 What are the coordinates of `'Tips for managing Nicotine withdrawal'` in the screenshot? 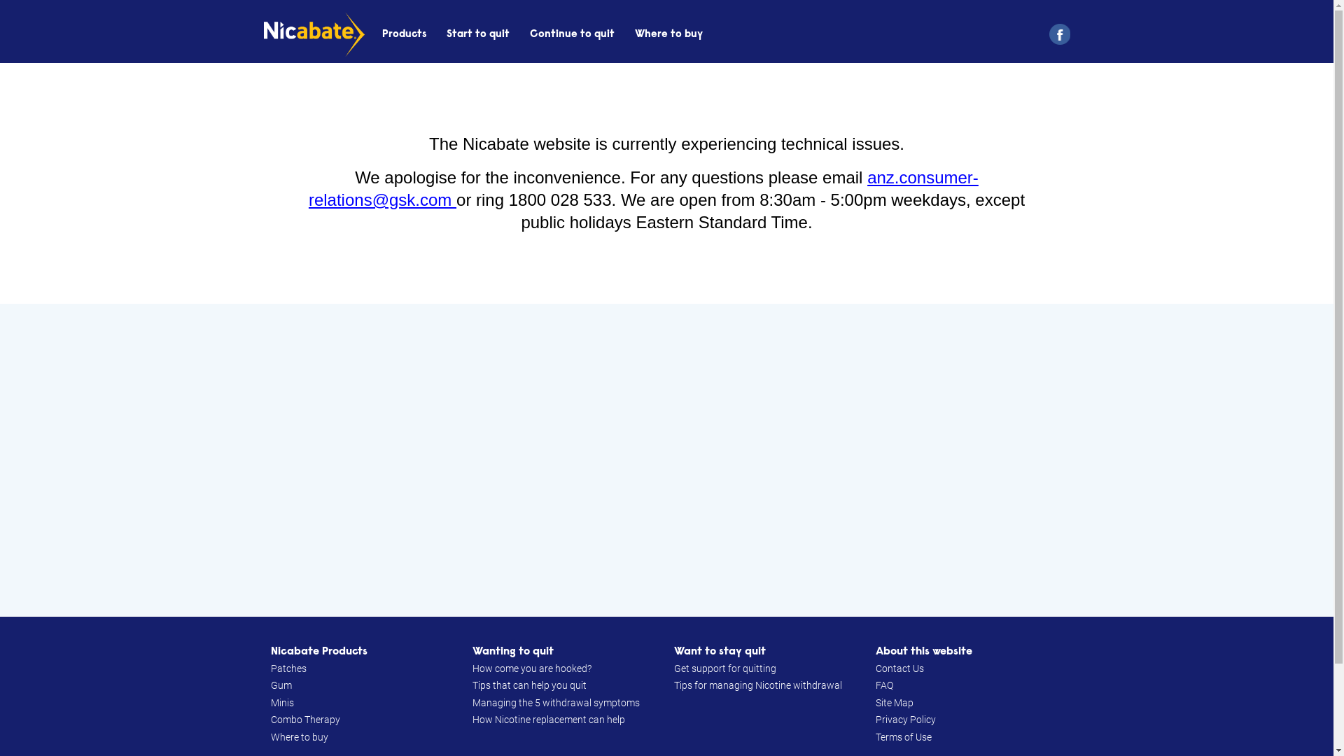 It's located at (756, 685).